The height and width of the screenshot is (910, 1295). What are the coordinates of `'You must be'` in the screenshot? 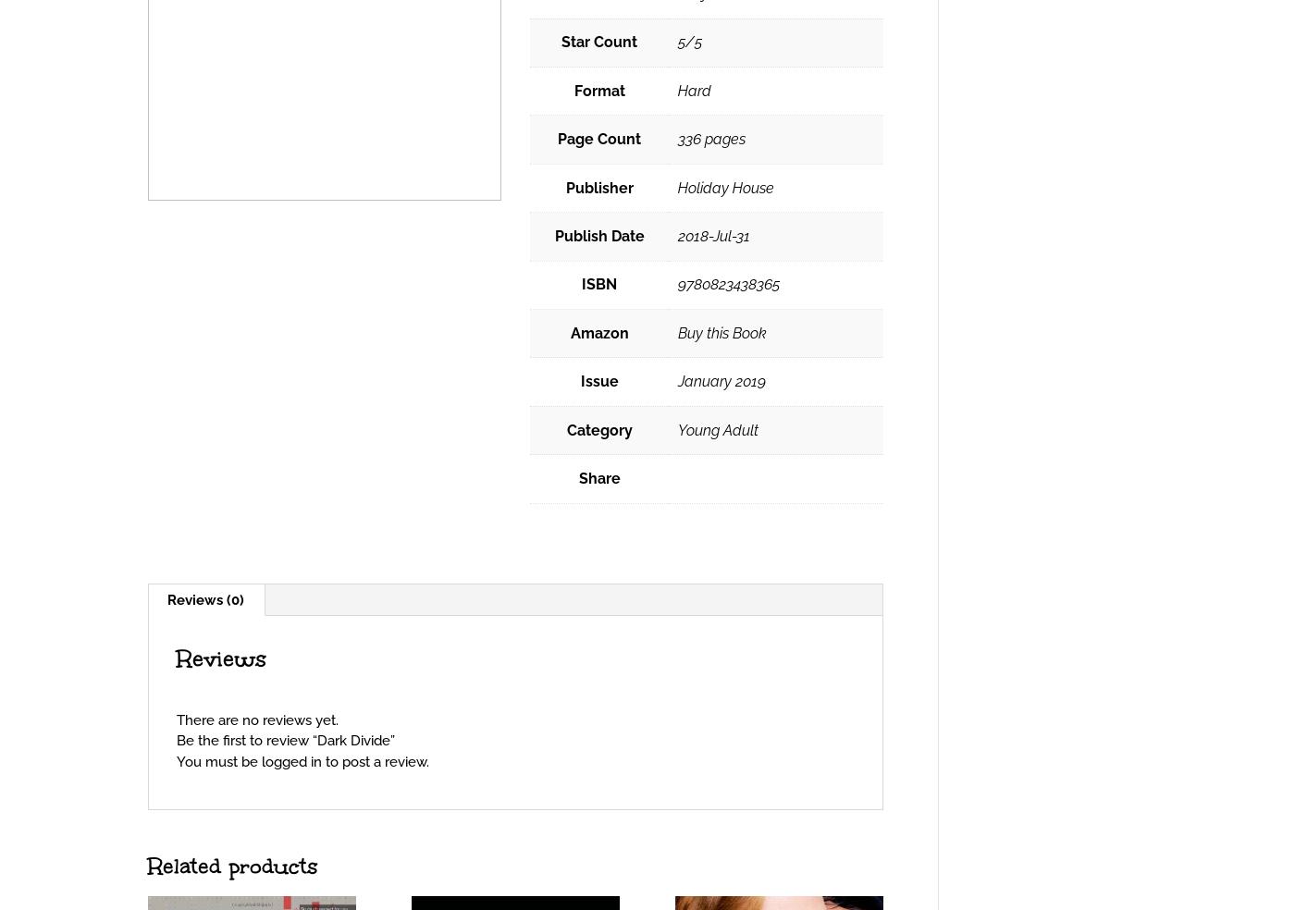 It's located at (219, 760).